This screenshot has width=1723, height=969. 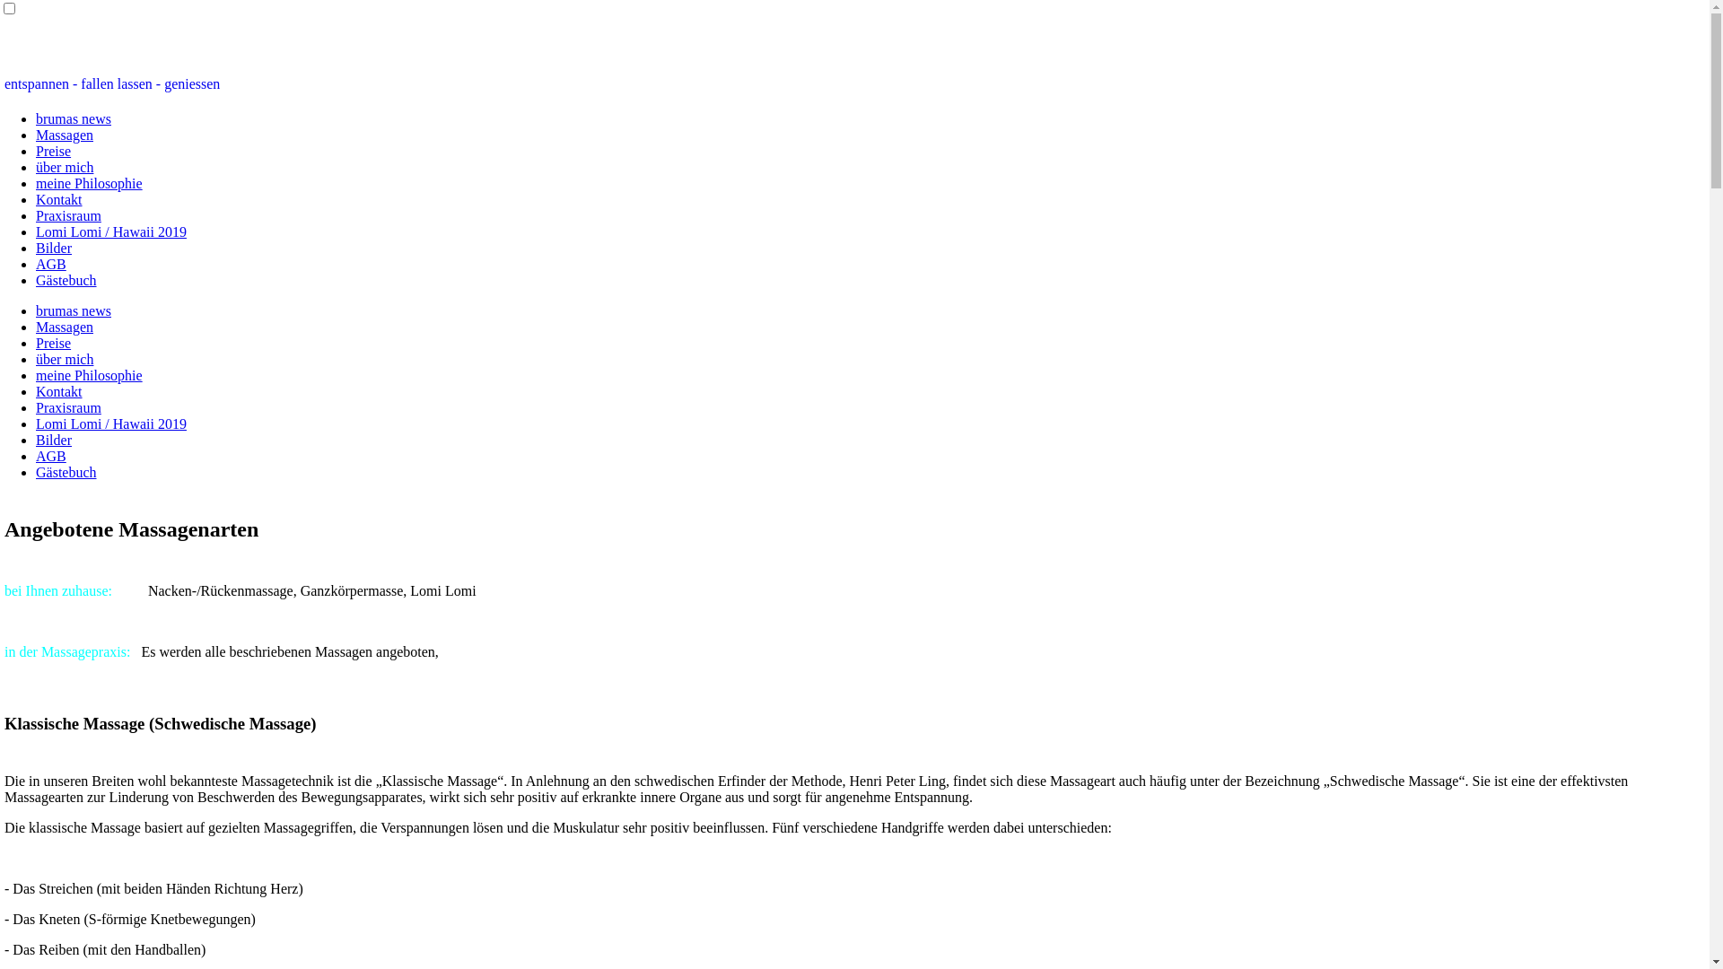 I want to click on 'Lomi Lomi / Hawaii 2019', so click(x=35, y=231).